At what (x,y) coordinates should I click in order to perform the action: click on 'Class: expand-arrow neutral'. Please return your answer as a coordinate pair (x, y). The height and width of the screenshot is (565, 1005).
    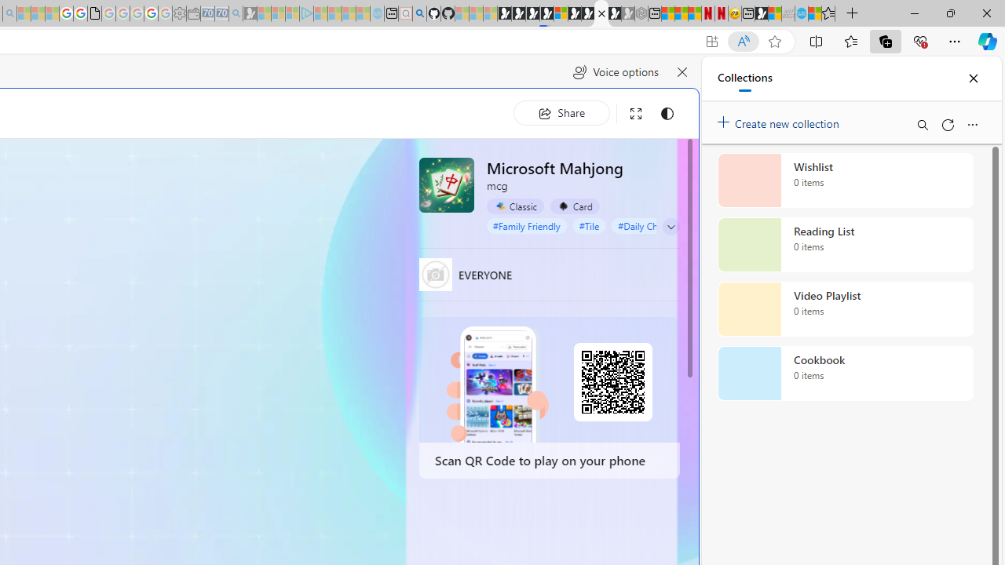
    Looking at the image, I should click on (671, 227).